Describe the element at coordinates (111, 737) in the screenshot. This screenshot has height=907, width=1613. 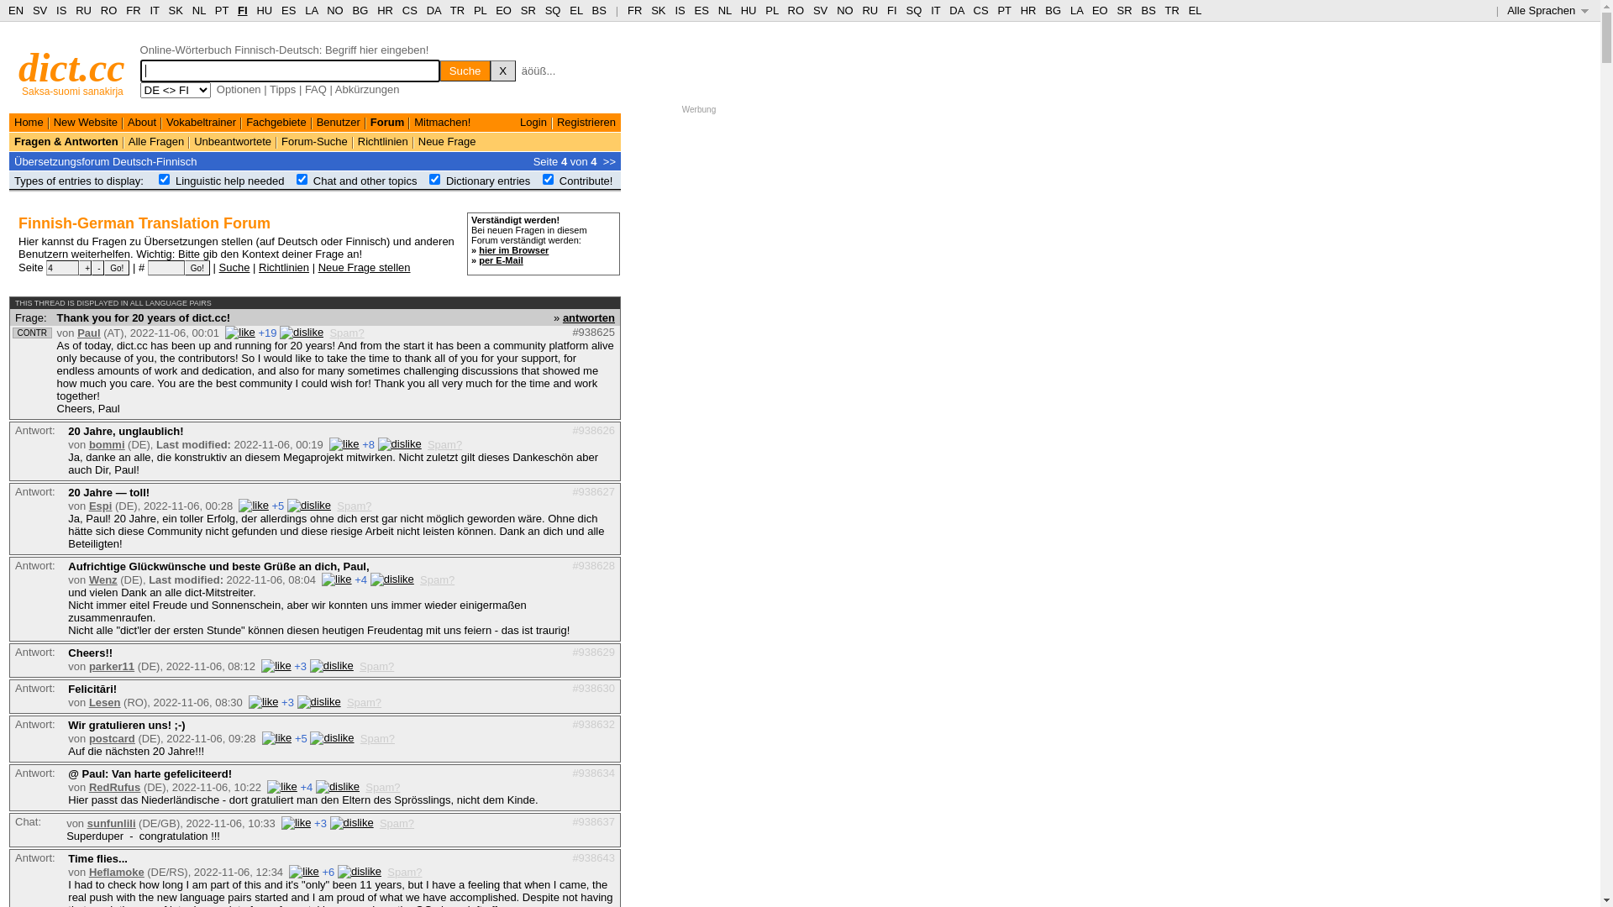
I see `'postcard'` at that location.